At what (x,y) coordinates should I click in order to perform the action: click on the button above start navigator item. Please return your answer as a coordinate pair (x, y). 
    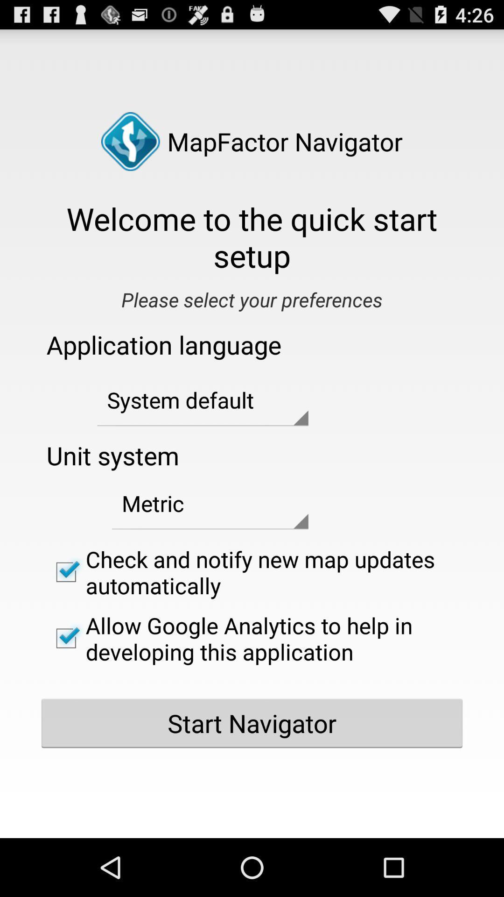
    Looking at the image, I should click on (252, 638).